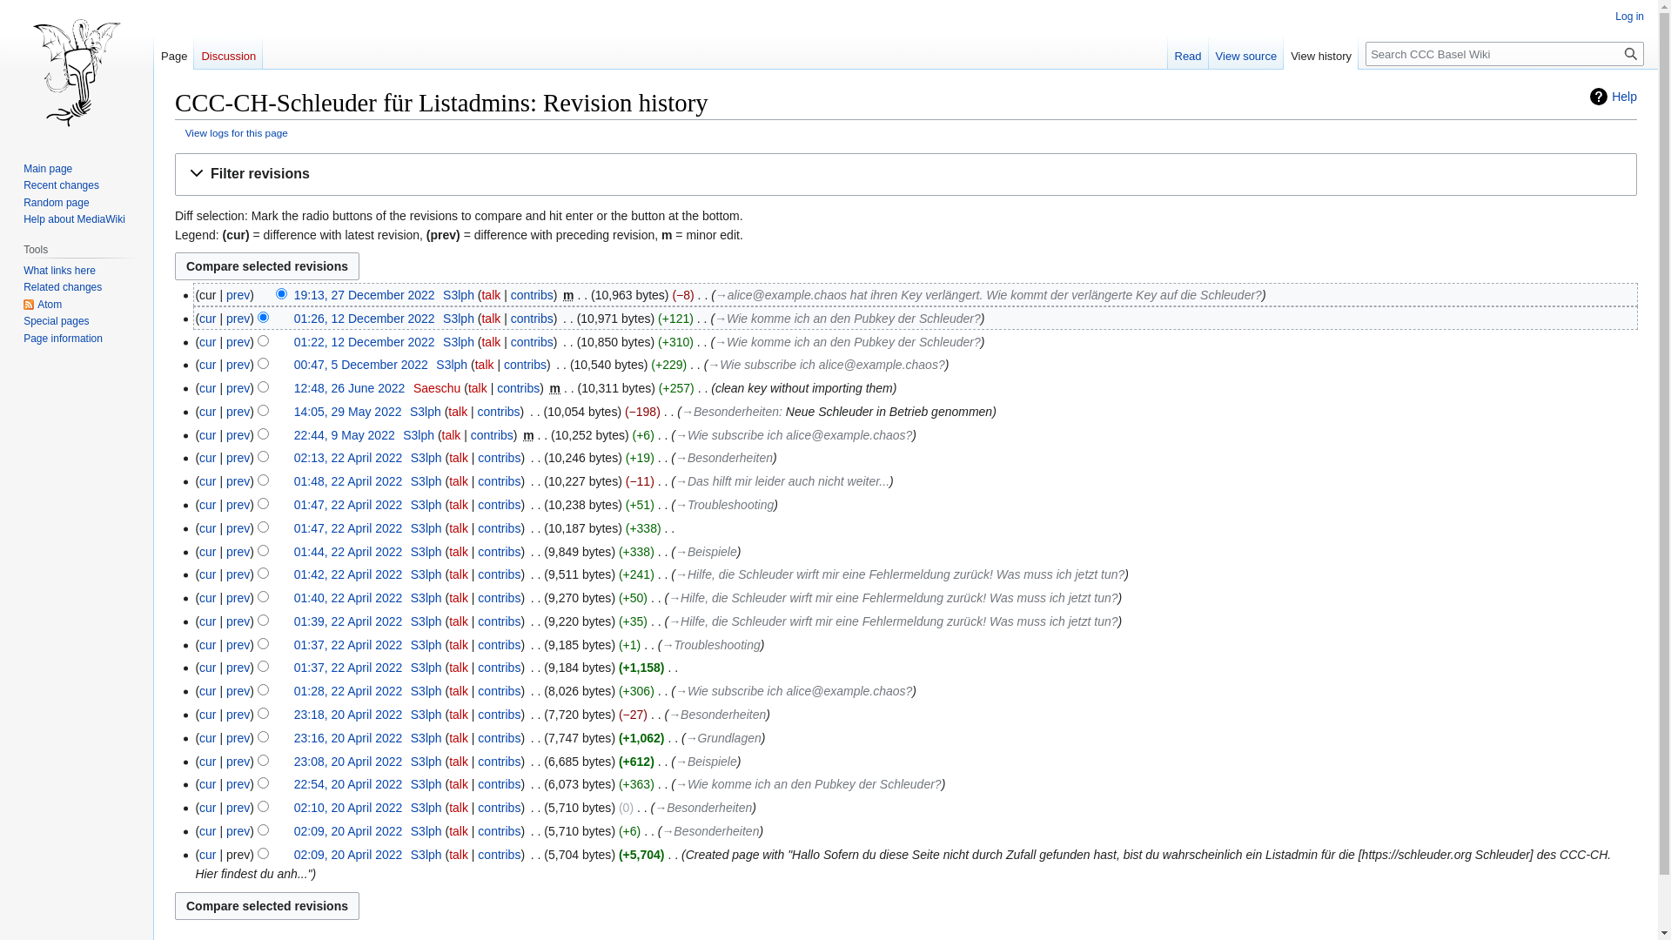 This screenshot has width=1671, height=940. What do you see at coordinates (347, 412) in the screenshot?
I see `'14:05, 29 May 2022'` at bounding box center [347, 412].